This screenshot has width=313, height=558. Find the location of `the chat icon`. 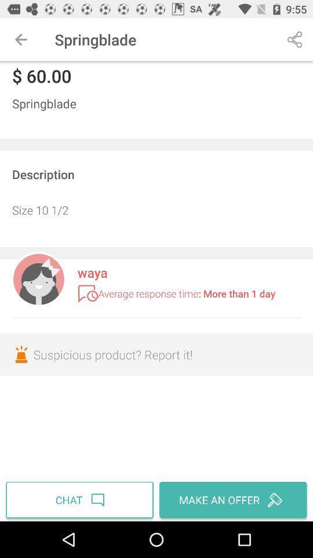

the chat icon is located at coordinates (81, 499).